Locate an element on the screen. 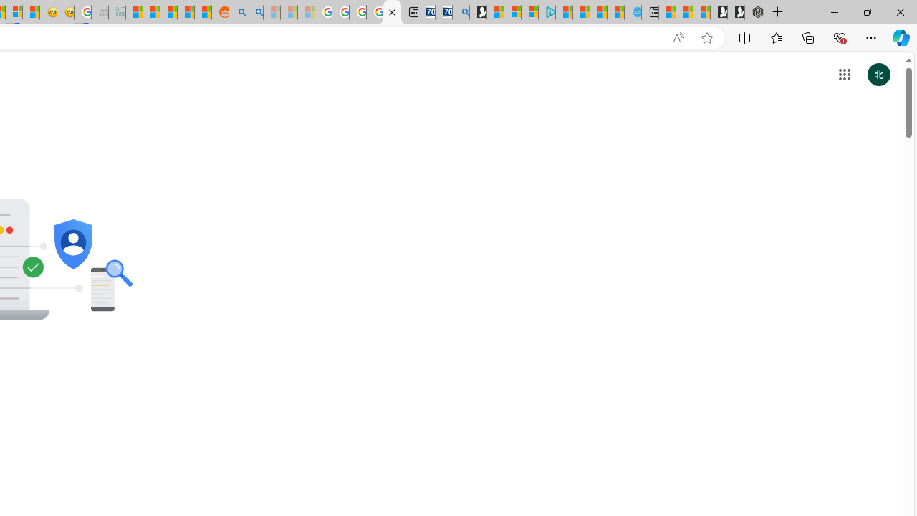 The height and width of the screenshot is (516, 917). 'Cheap Car Rentals - Save70.com' is located at coordinates (443, 12).